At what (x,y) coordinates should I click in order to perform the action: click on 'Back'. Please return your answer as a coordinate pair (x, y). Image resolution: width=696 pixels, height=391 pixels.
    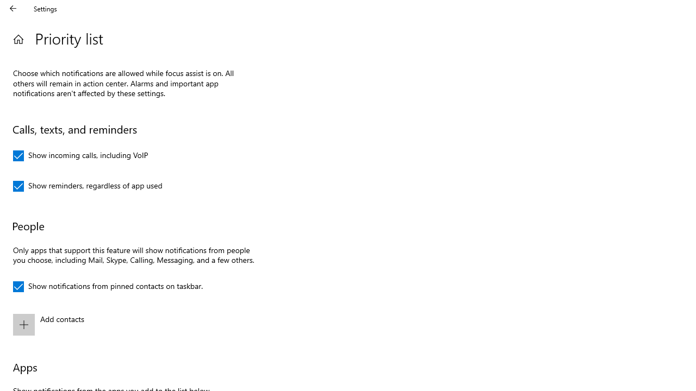
    Looking at the image, I should click on (13, 8).